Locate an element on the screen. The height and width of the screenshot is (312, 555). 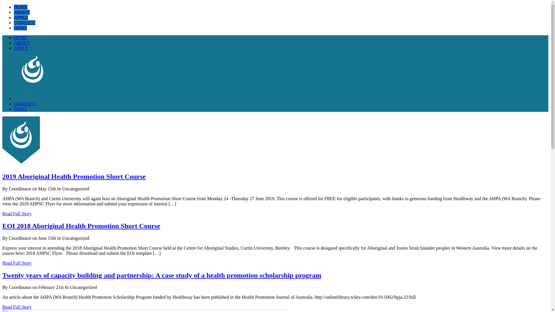
'NEWS' is located at coordinates (20, 28).